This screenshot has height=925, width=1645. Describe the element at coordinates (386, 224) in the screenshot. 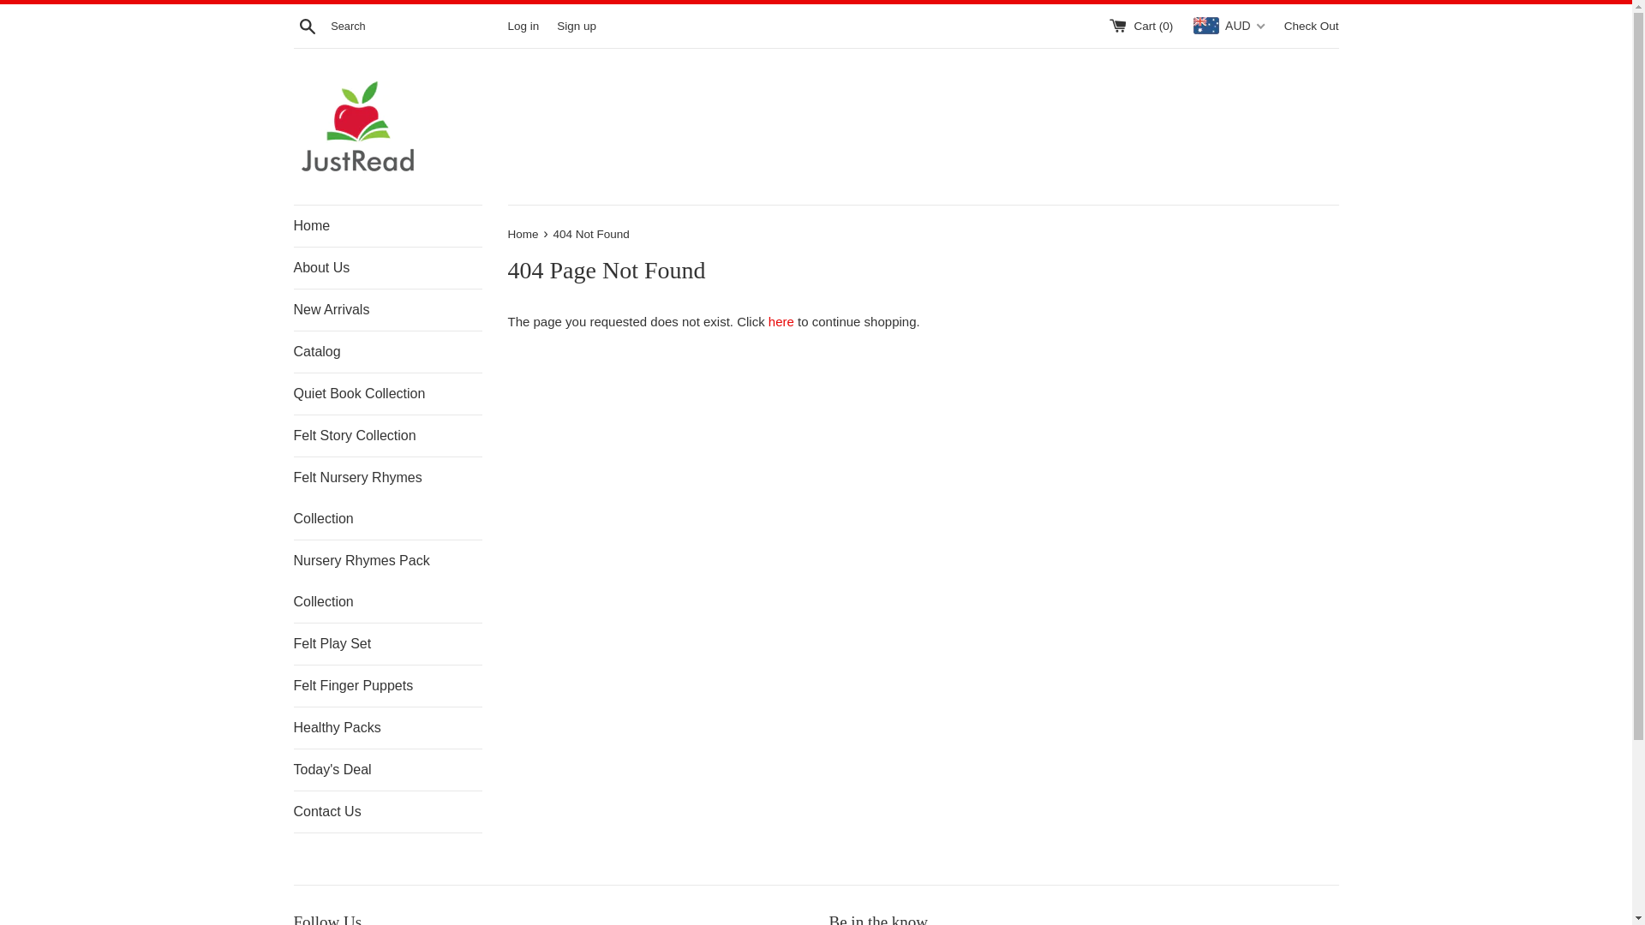

I see `'Home'` at that location.